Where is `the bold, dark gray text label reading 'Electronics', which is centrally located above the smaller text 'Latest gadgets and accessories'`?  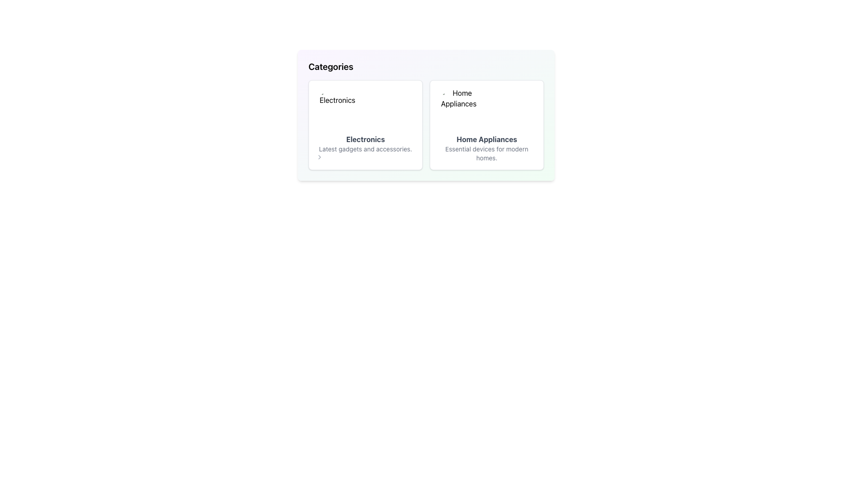 the bold, dark gray text label reading 'Electronics', which is centrally located above the smaller text 'Latest gadgets and accessories' is located at coordinates (366, 139).